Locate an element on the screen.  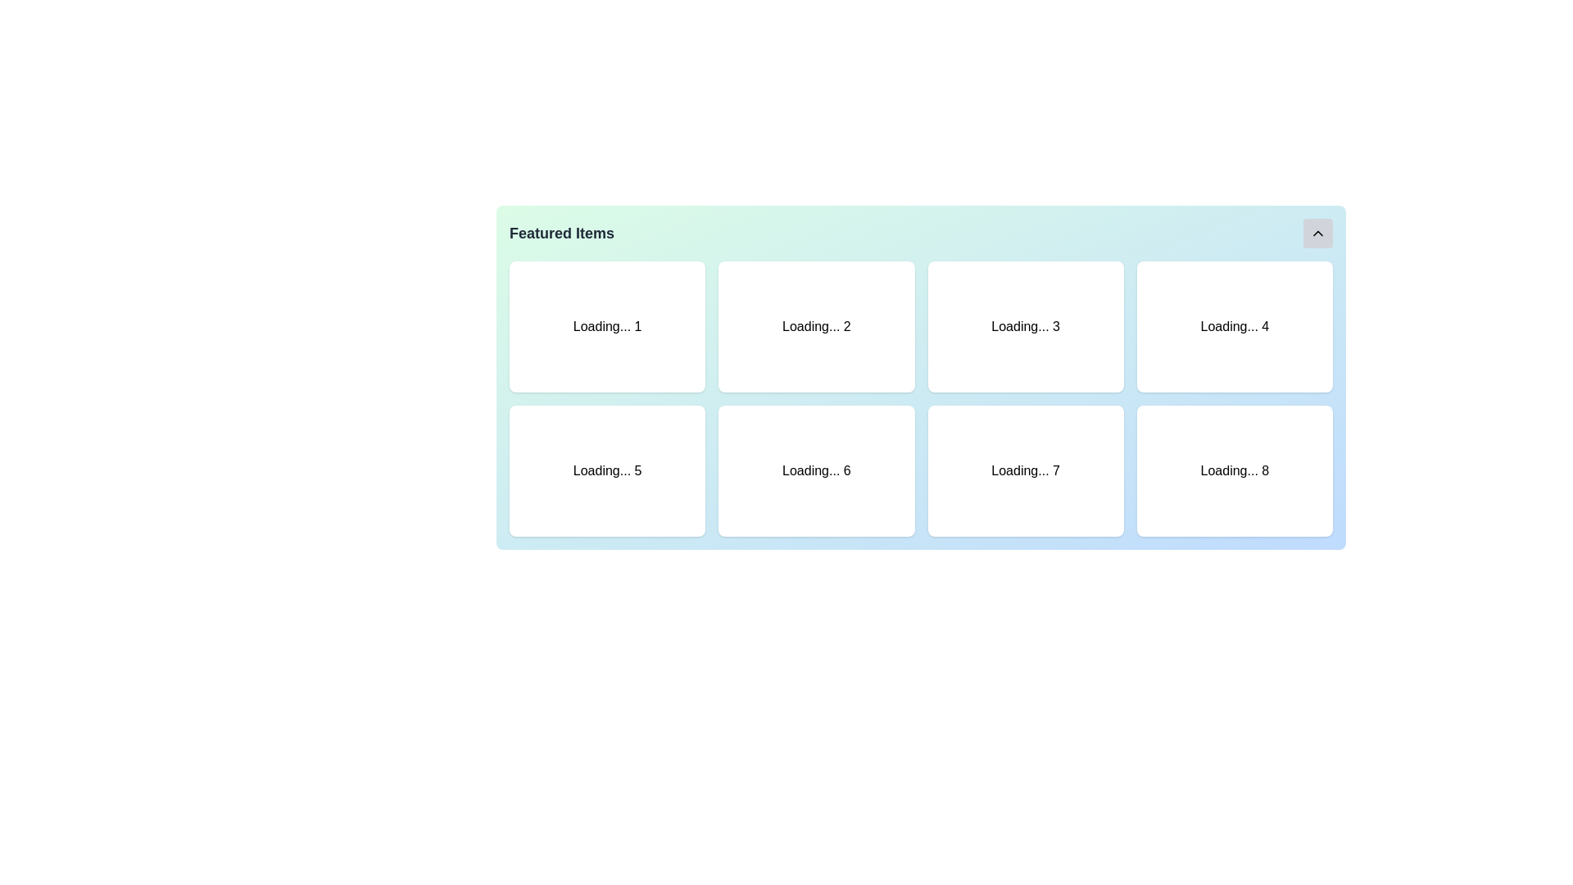
the informational card located in the third position of the second row is located at coordinates (1025, 470).